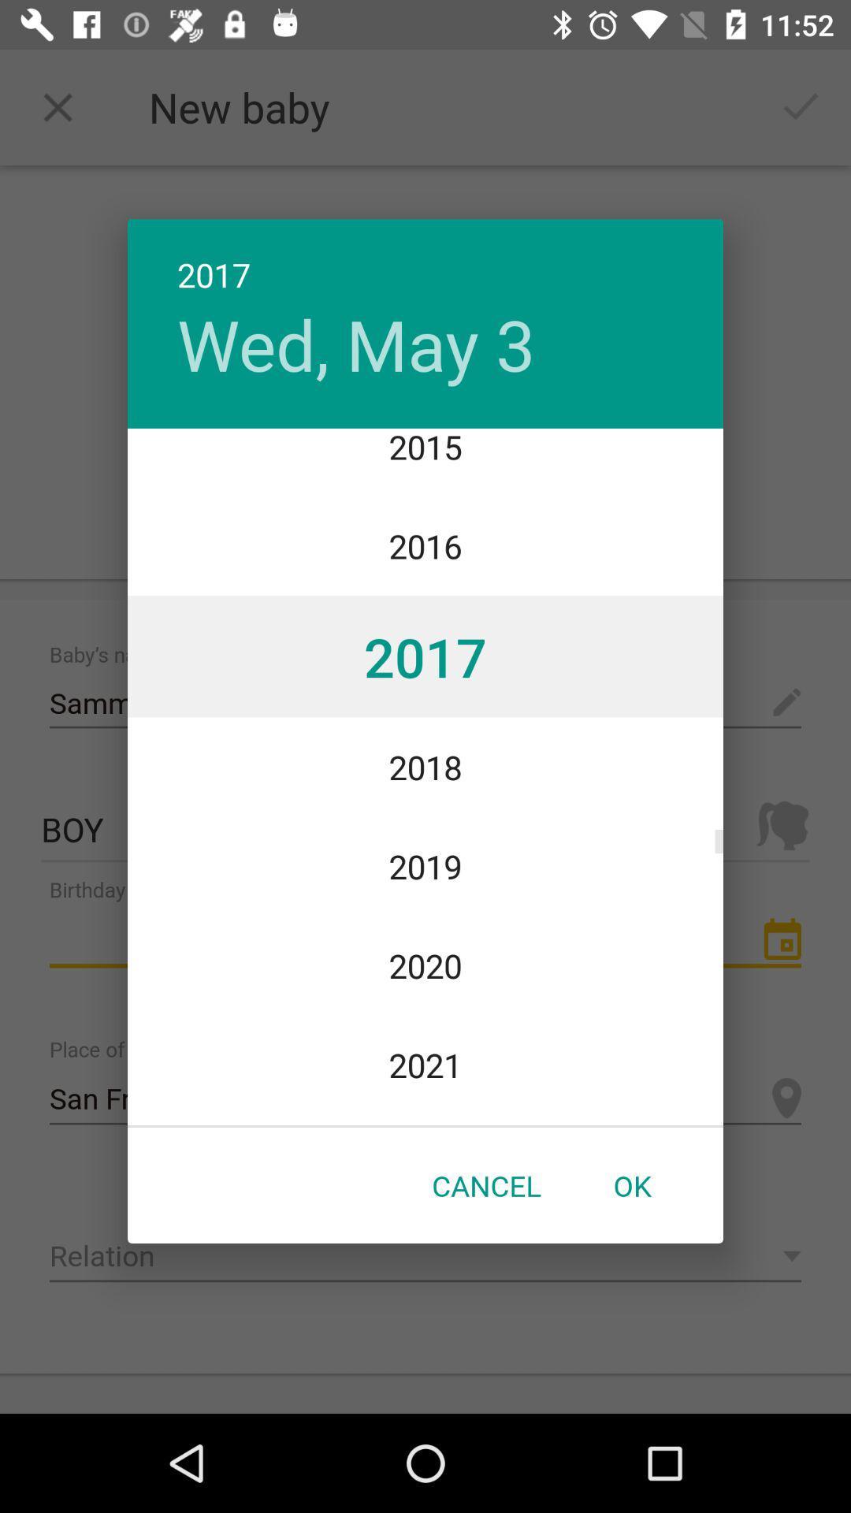 The width and height of the screenshot is (851, 1513). I want to click on item next to cancel icon, so click(631, 1185).